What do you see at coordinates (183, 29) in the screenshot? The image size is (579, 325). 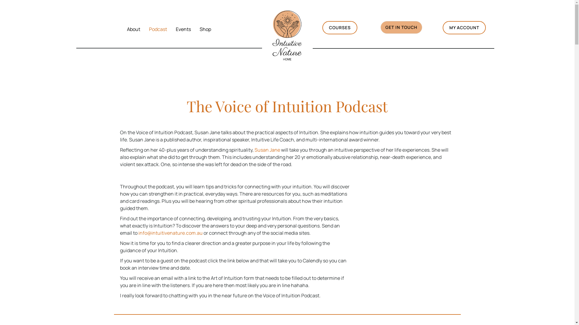 I see `'Events'` at bounding box center [183, 29].